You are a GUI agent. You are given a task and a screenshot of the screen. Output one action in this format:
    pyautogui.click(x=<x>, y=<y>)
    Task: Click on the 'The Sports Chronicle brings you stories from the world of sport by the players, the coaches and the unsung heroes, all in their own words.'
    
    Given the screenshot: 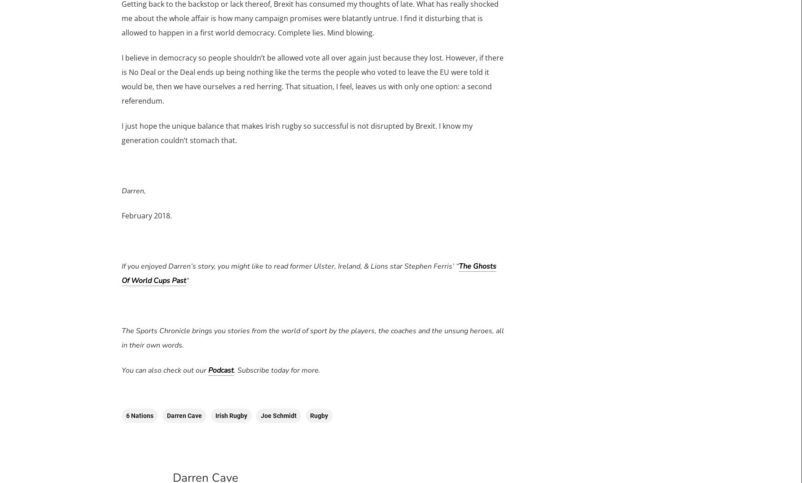 What is the action you would take?
    pyautogui.click(x=312, y=337)
    